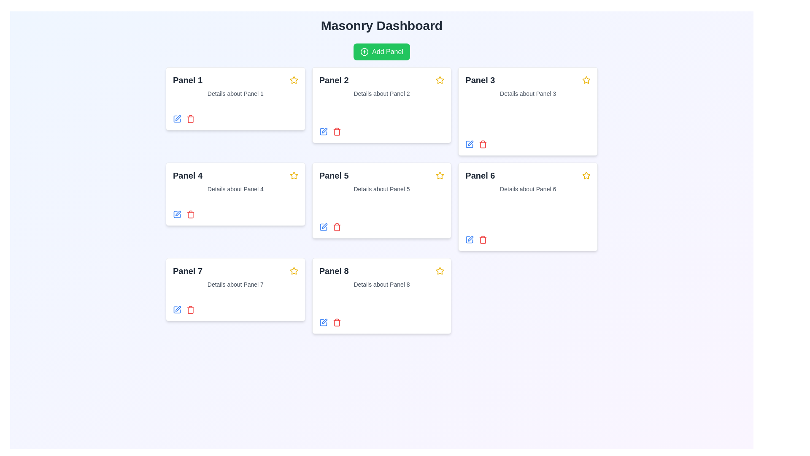 The width and height of the screenshot is (810, 456). Describe the element at coordinates (178, 118) in the screenshot. I see `the small pen-shaped icon within the SVG graphic in the top-left corner of 'Panel 7' to initiate an edit operation` at that location.